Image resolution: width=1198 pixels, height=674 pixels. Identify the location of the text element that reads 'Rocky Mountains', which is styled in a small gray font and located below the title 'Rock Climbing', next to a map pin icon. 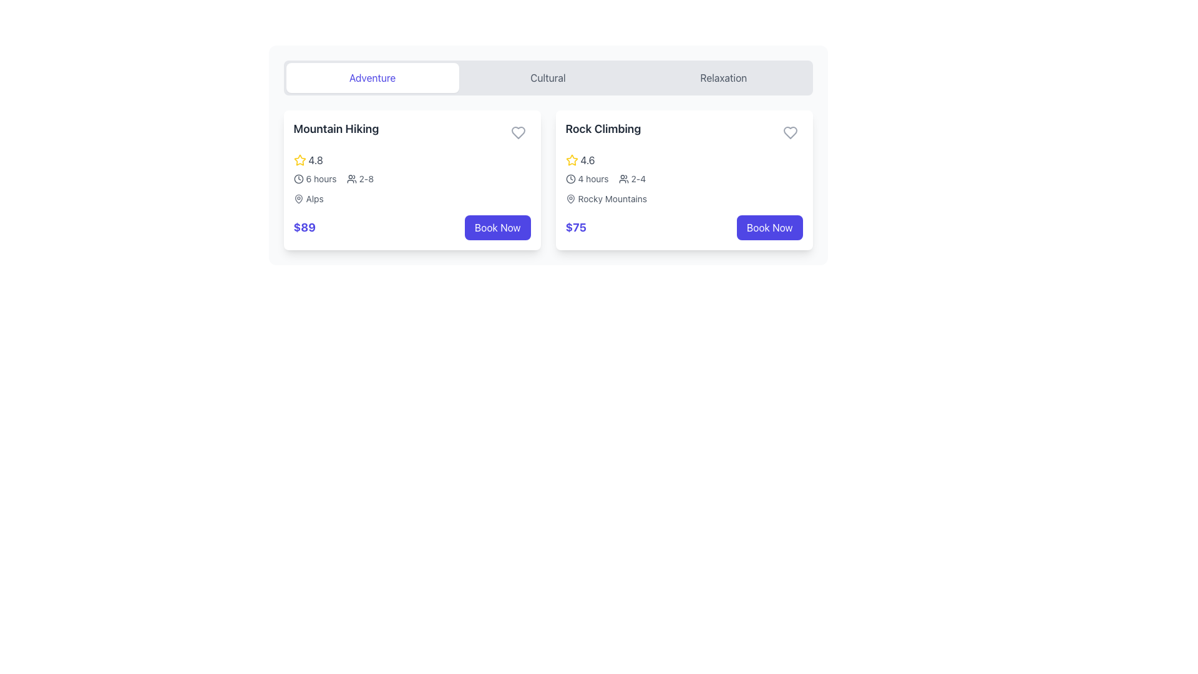
(612, 198).